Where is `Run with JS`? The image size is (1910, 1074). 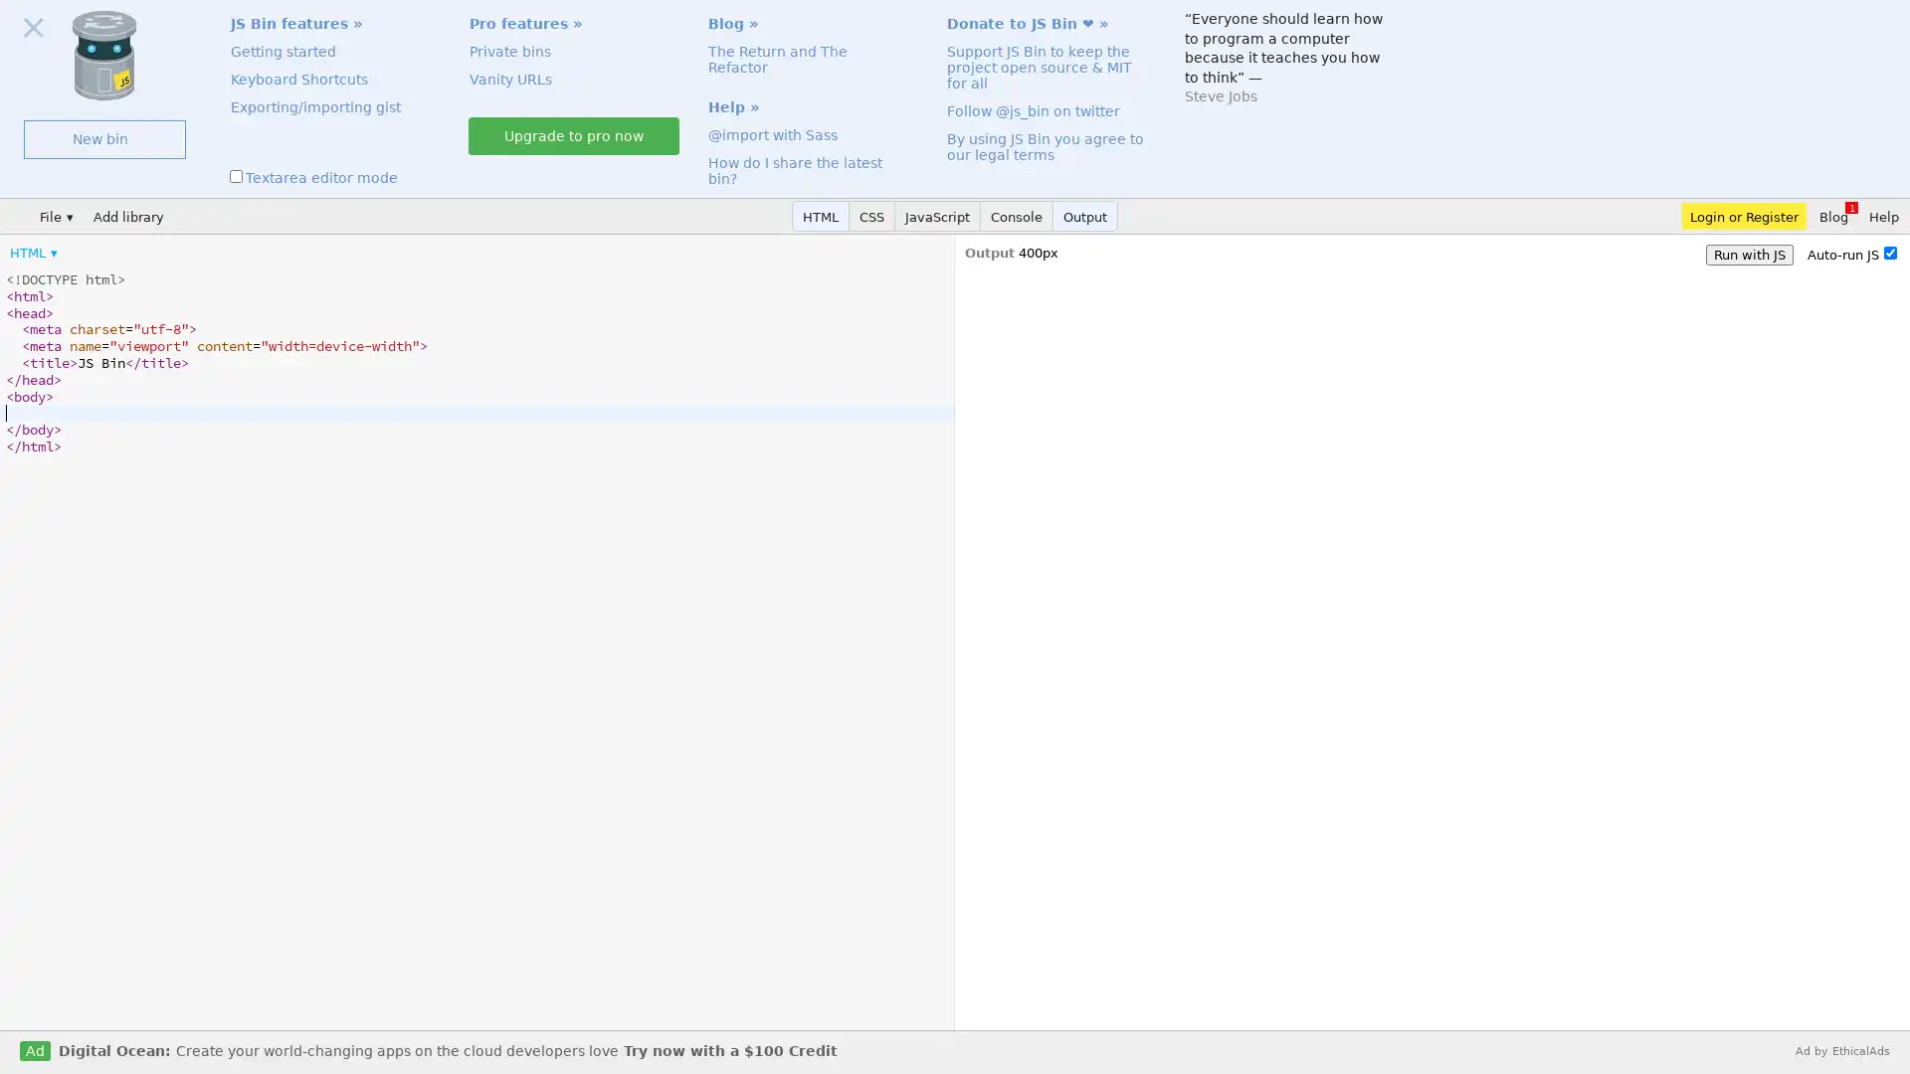 Run with JS is located at coordinates (1748, 254).